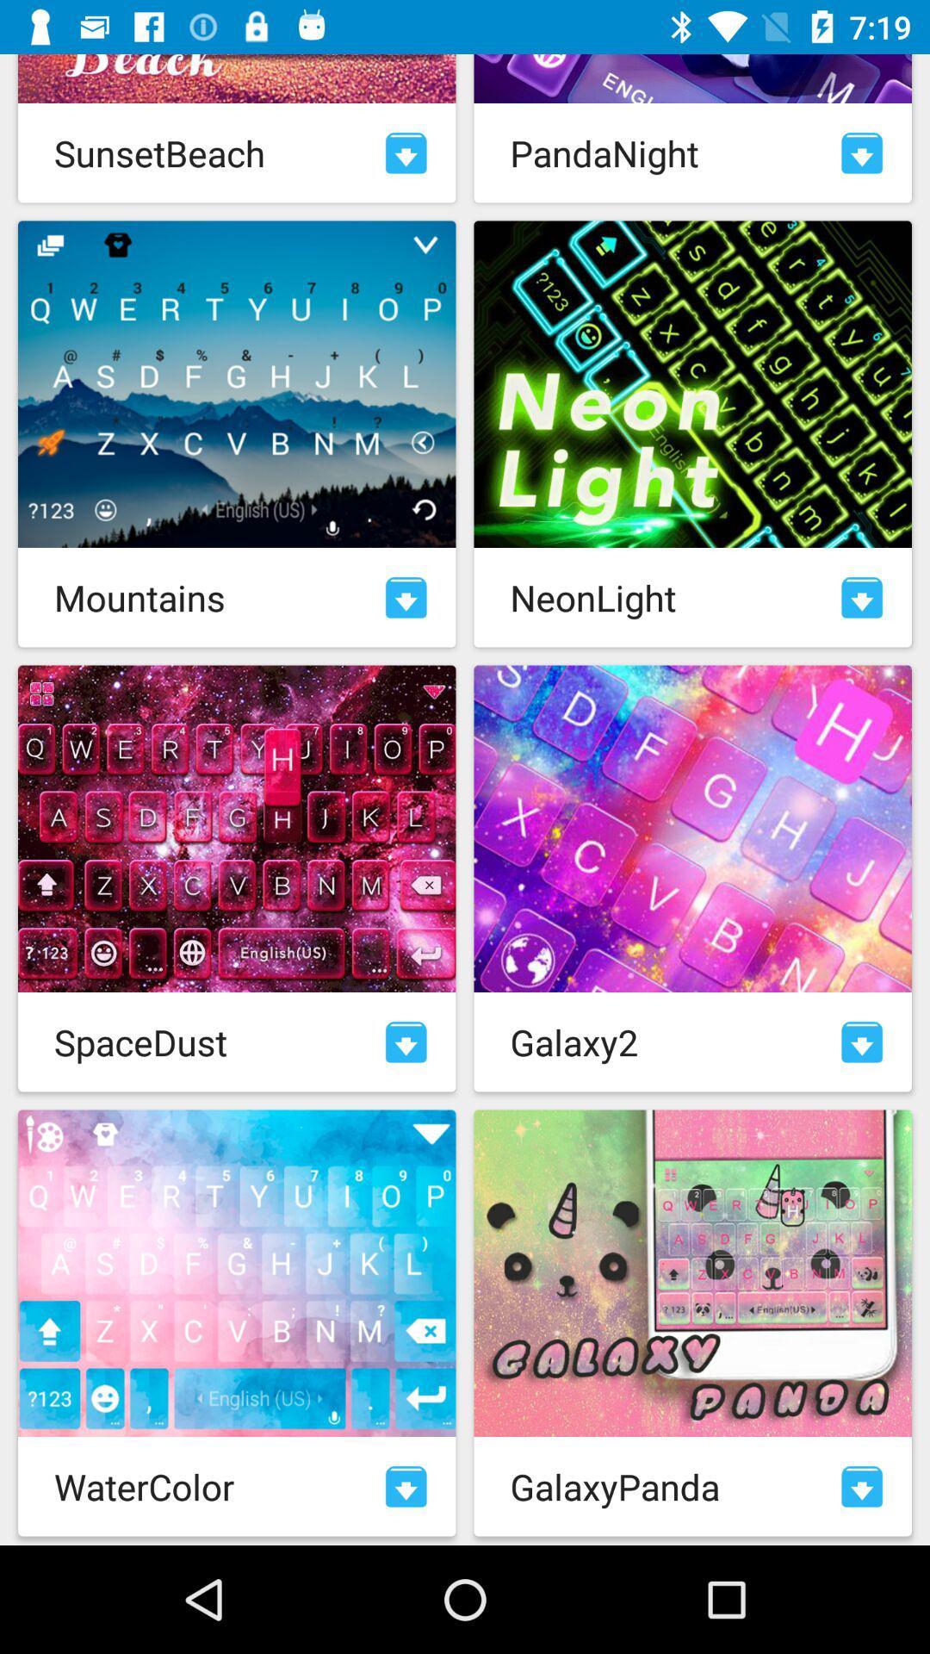  What do you see at coordinates (406, 1041) in the screenshot?
I see `open tab` at bounding box center [406, 1041].